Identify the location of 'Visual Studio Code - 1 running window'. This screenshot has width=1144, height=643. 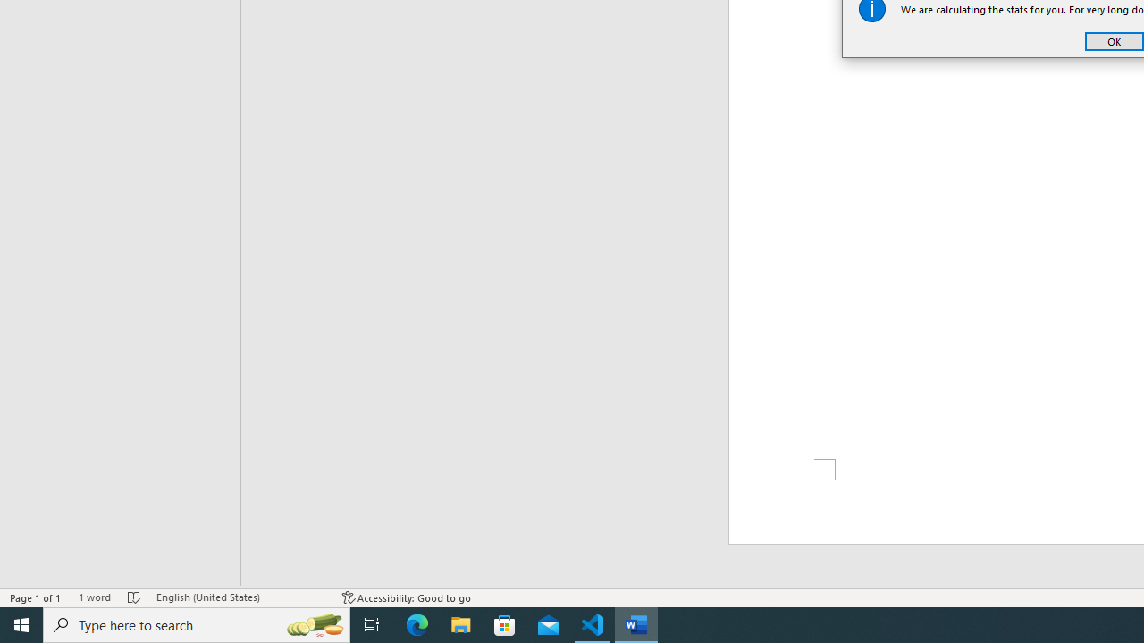
(593, 623).